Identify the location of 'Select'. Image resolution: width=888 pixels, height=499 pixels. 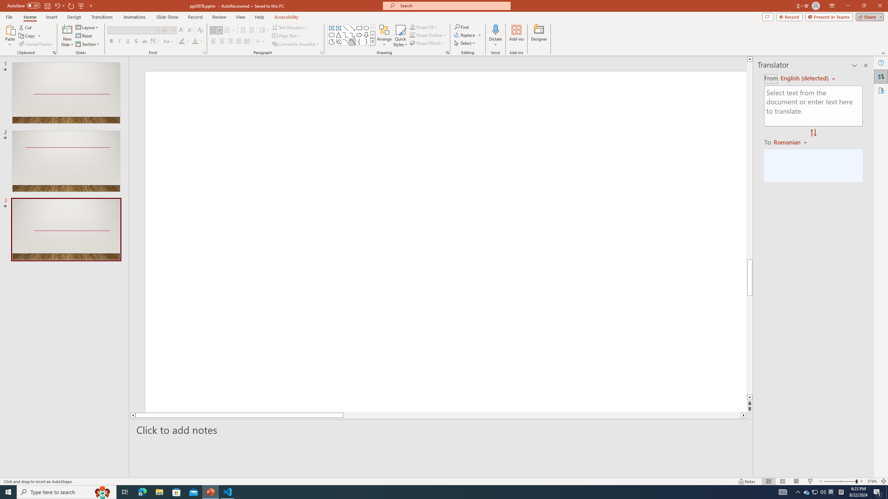
(465, 42).